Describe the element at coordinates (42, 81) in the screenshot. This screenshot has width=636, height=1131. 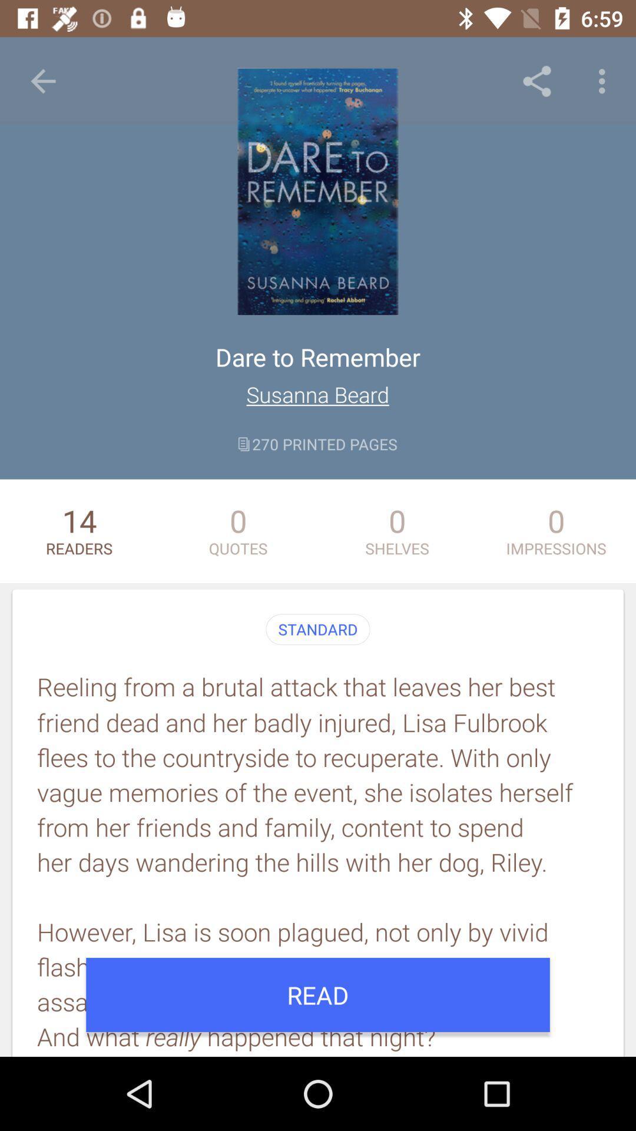
I see `the item above the dare to remember icon` at that location.